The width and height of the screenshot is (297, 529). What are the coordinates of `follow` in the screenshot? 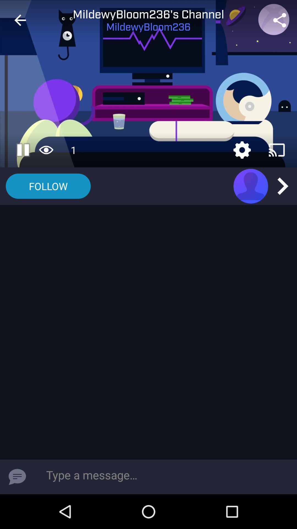 It's located at (48, 186).